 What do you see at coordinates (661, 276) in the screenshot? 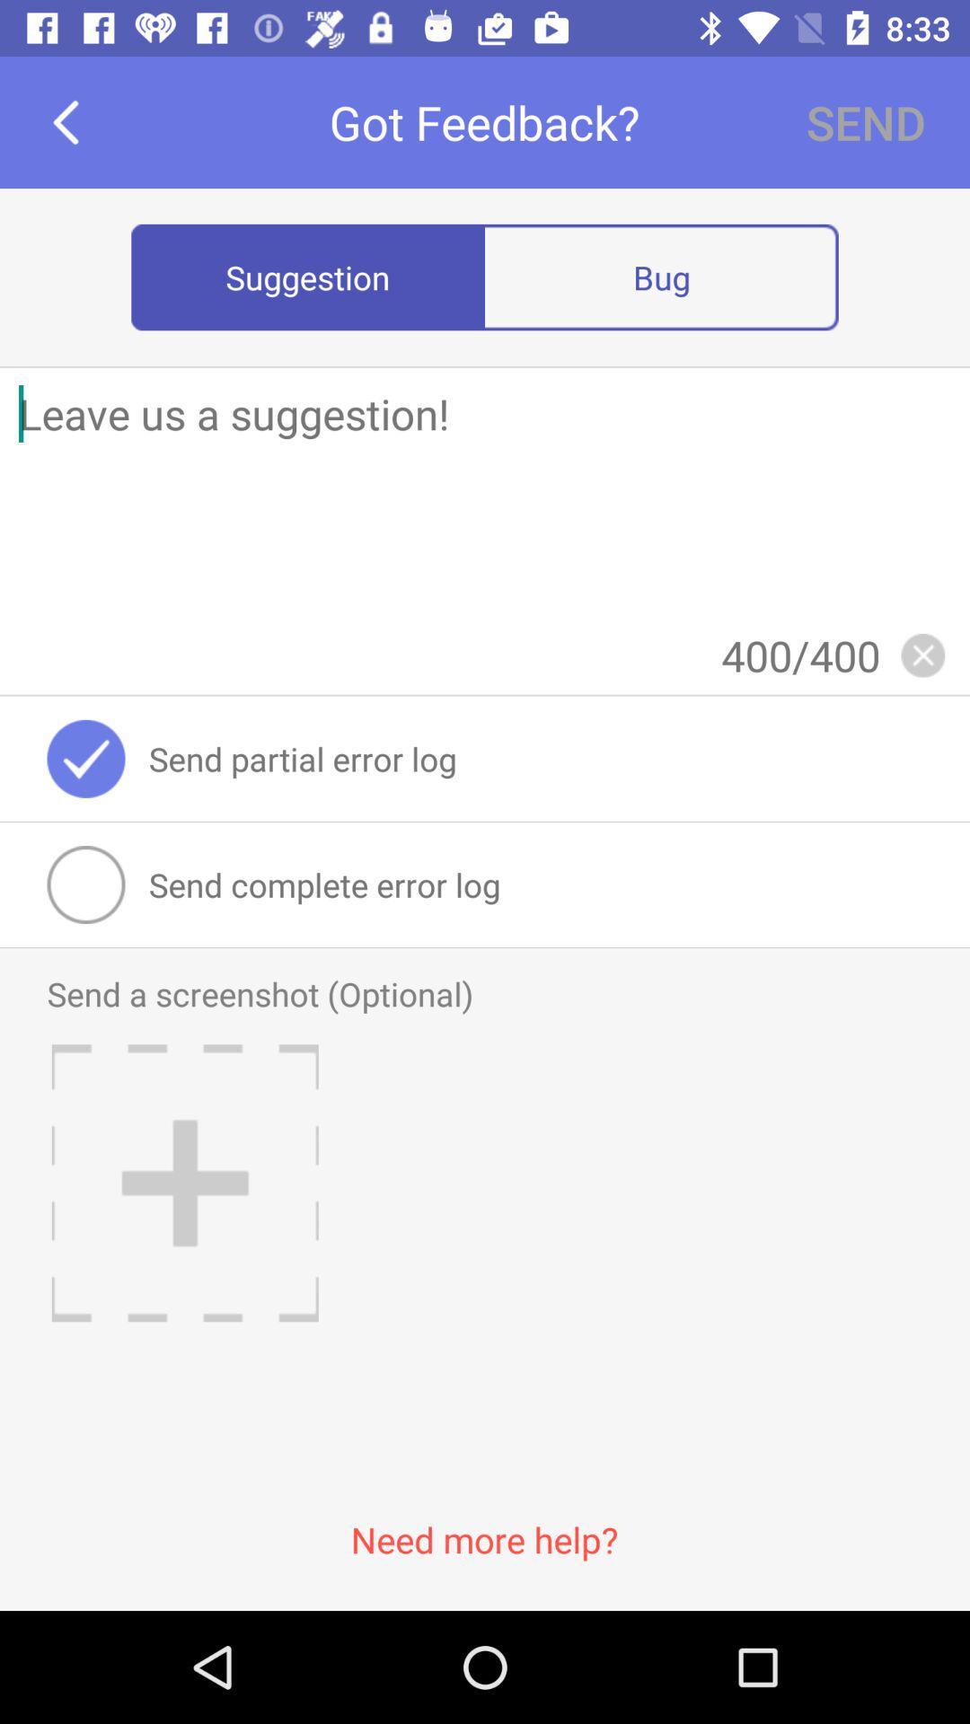
I see `item below send item` at bounding box center [661, 276].